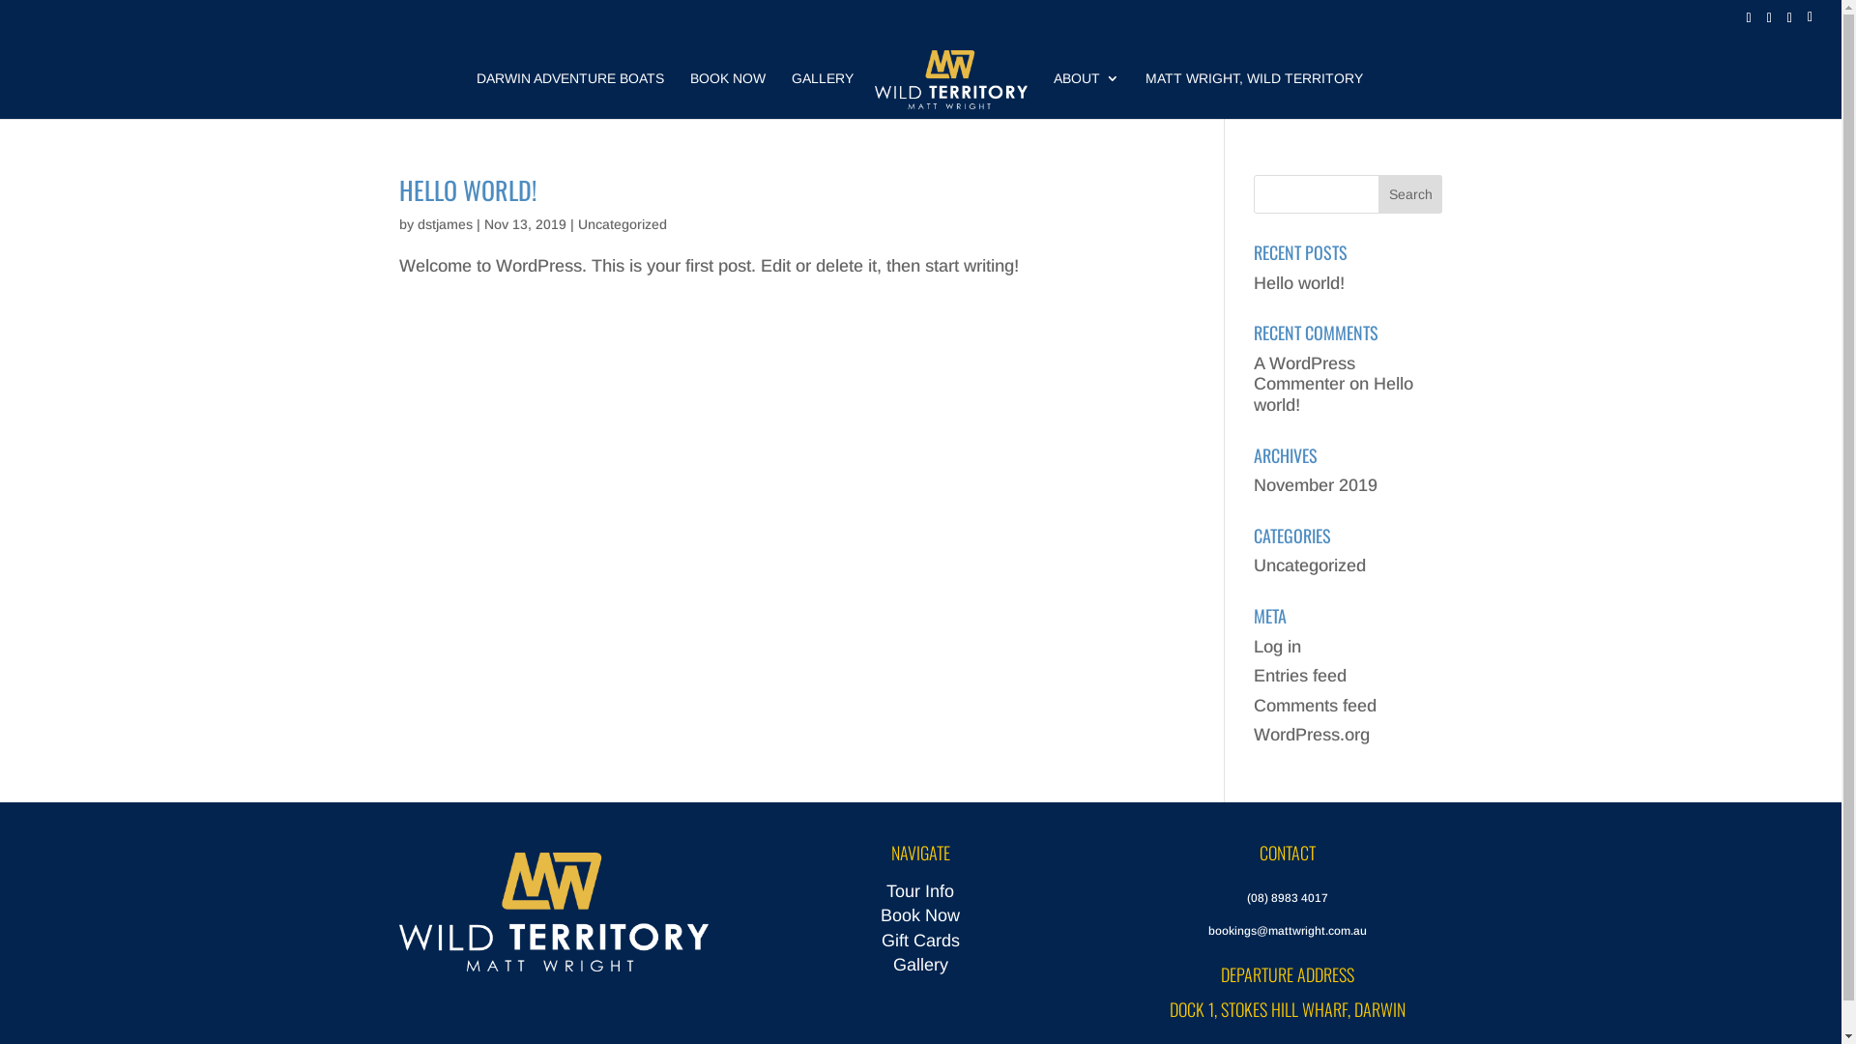 This screenshot has width=1856, height=1044. Describe the element at coordinates (1086, 95) in the screenshot. I see `'ABOUT'` at that location.